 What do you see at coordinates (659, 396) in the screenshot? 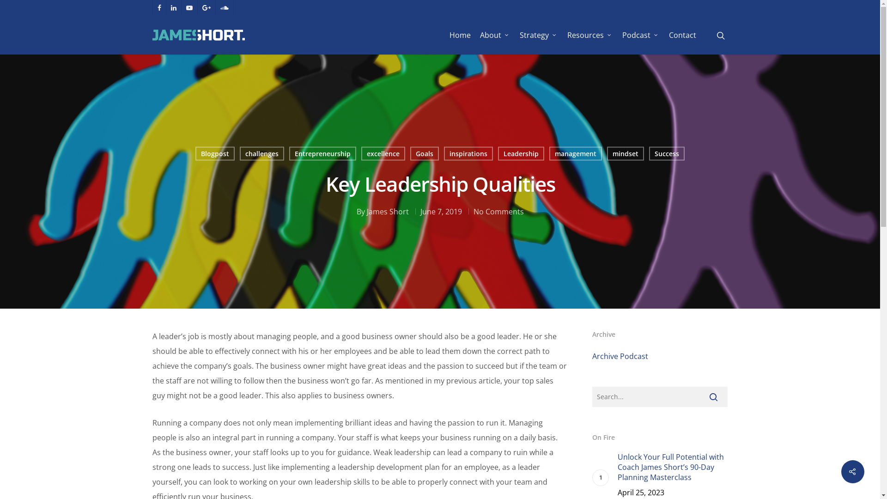
I see `'Search for:'` at bounding box center [659, 396].